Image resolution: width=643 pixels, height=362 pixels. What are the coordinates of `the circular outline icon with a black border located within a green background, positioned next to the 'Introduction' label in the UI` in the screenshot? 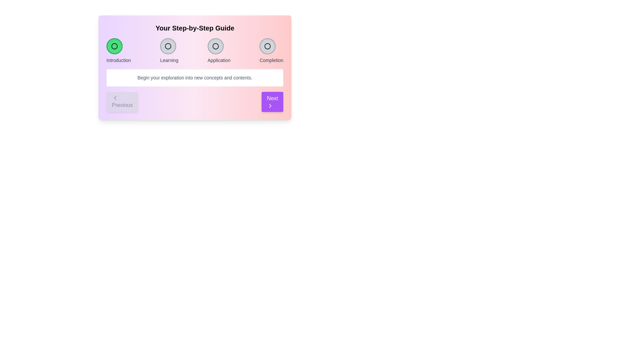 It's located at (114, 46).